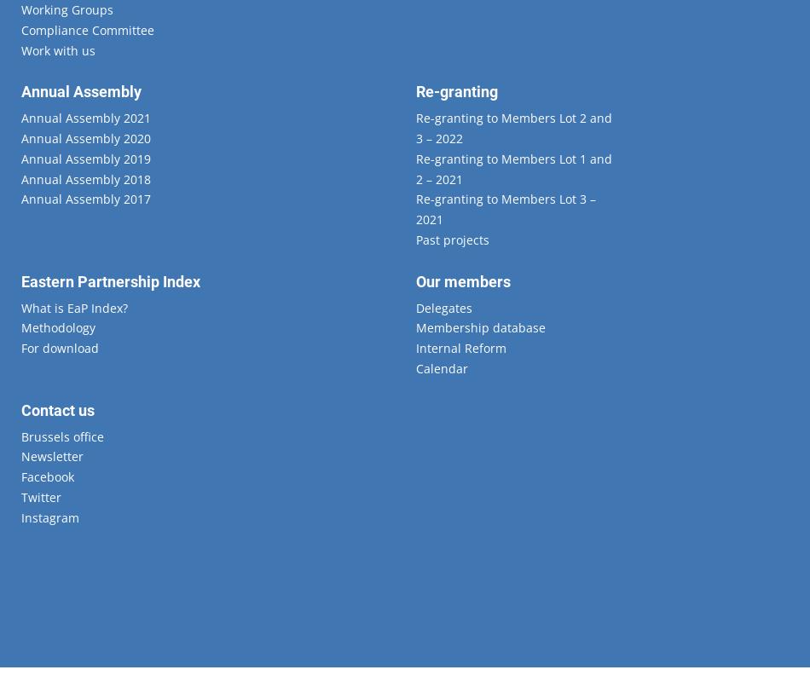  Describe the element at coordinates (441, 367) in the screenshot. I see `'Calendar'` at that location.